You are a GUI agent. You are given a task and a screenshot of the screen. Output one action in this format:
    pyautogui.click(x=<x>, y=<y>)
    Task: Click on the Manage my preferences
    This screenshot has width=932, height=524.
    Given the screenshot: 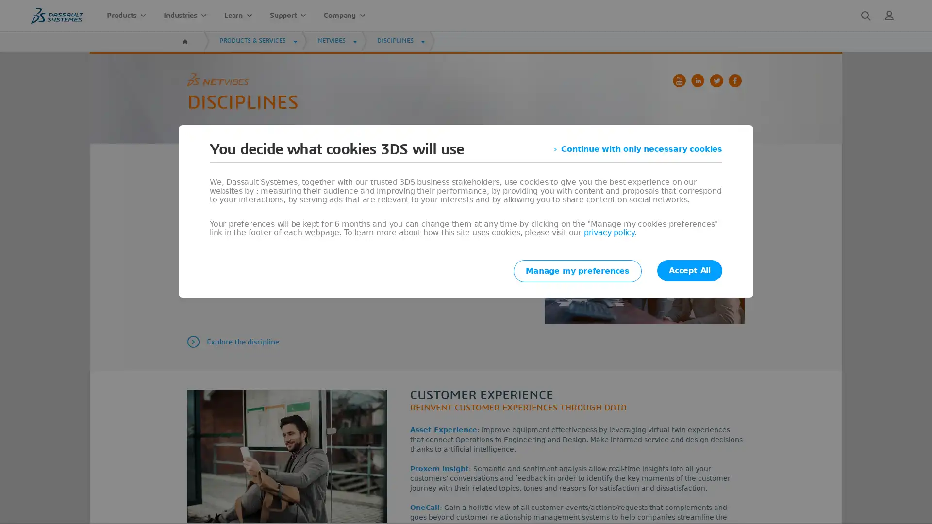 What is the action you would take?
    pyautogui.click(x=578, y=271)
    